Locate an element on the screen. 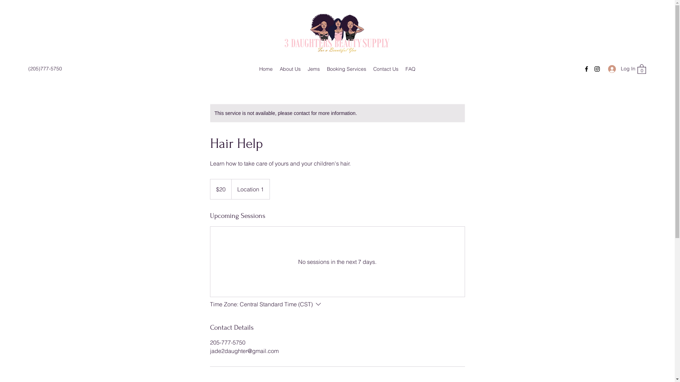  'About Us' is located at coordinates (290, 69).